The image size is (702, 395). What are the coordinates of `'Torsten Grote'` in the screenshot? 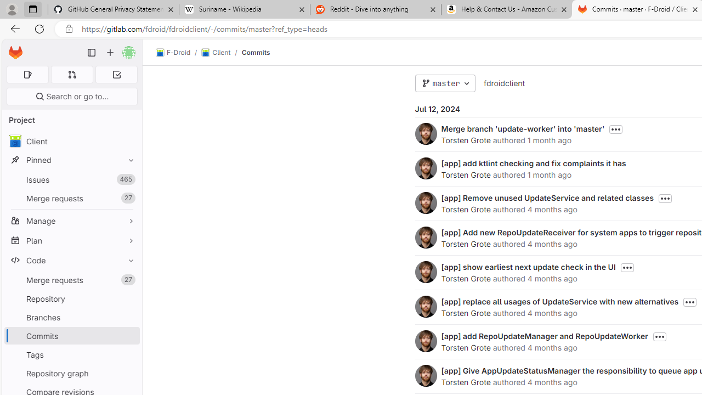 It's located at (466, 381).